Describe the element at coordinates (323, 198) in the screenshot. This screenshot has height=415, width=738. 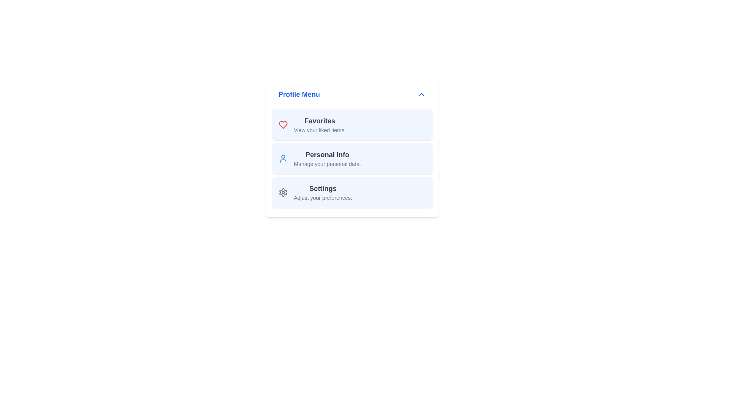
I see `text label that contains the content 'Adjust your preferences.' located below the 'Settings' title` at that location.